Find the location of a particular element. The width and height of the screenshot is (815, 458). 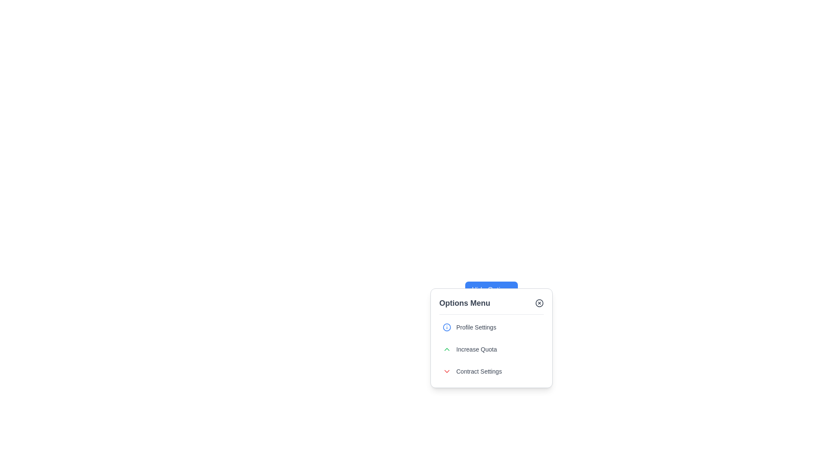

the 'Contract Settings' text label is located at coordinates (479, 371).